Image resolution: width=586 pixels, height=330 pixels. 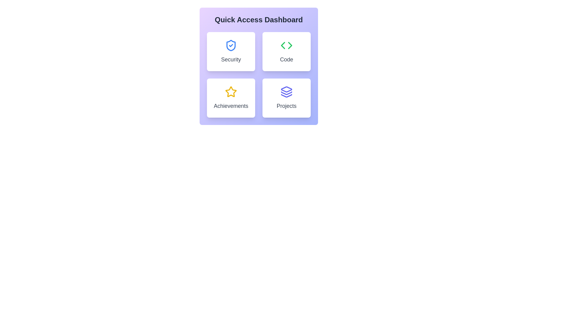 I want to click on the SVG graphic representing the security feature located in the top-left quadrant of the grid under the 'Quick Access Dashboard' header, which visually indicates the meaning of the 'Security' label, so click(x=231, y=45).